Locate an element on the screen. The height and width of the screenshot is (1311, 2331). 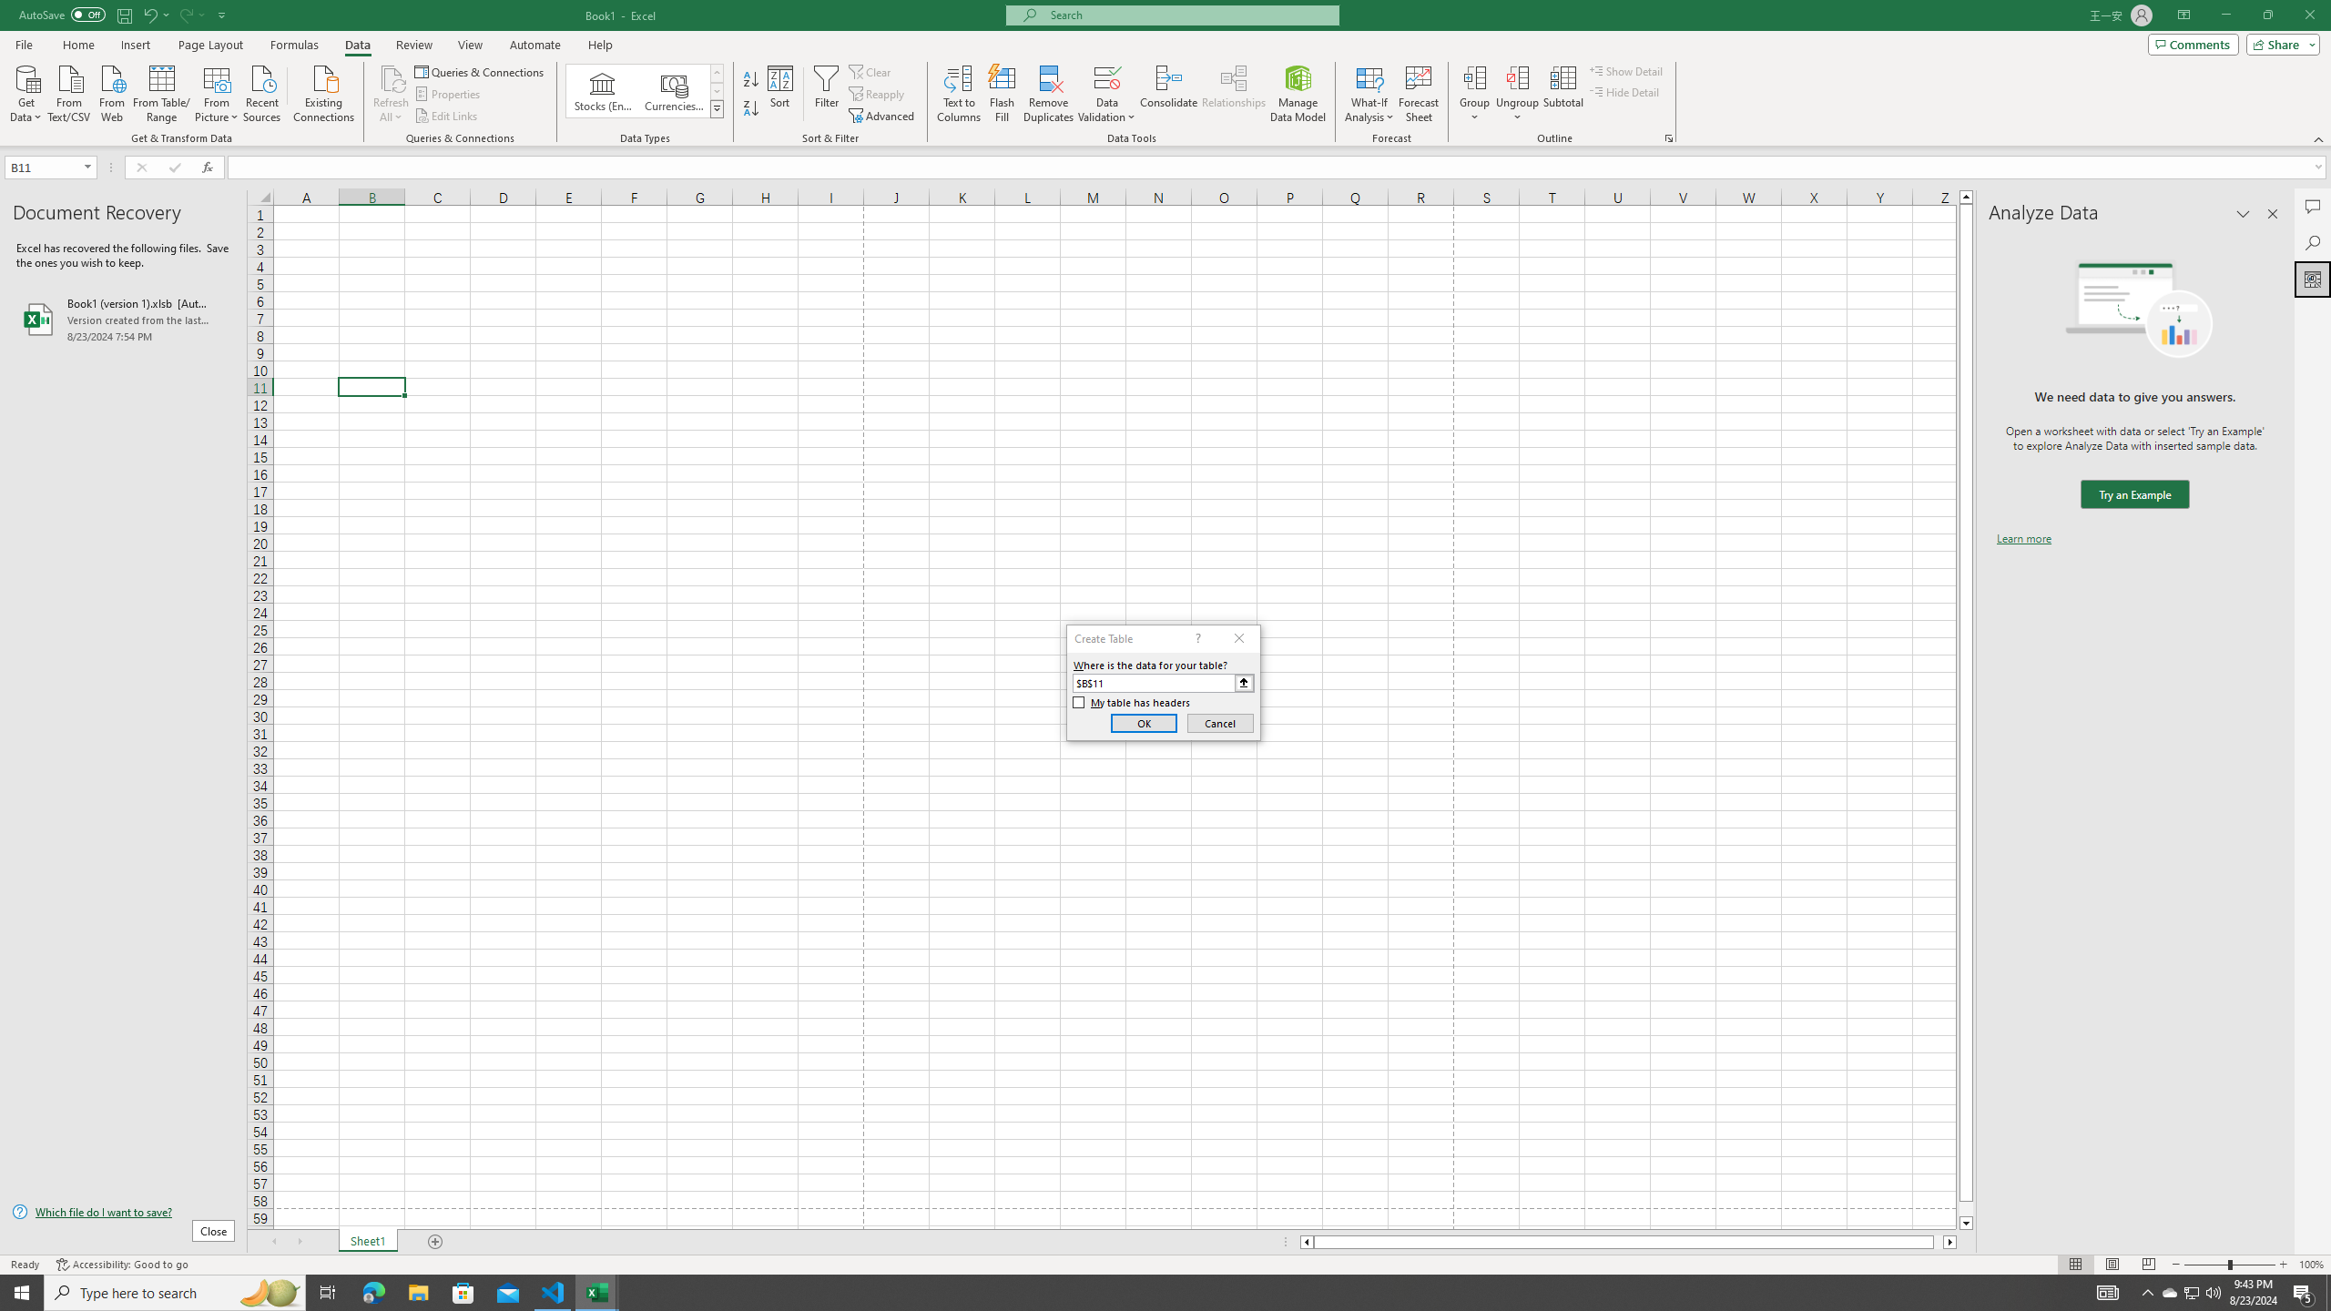
'Stocks (English)' is located at coordinates (601, 90).